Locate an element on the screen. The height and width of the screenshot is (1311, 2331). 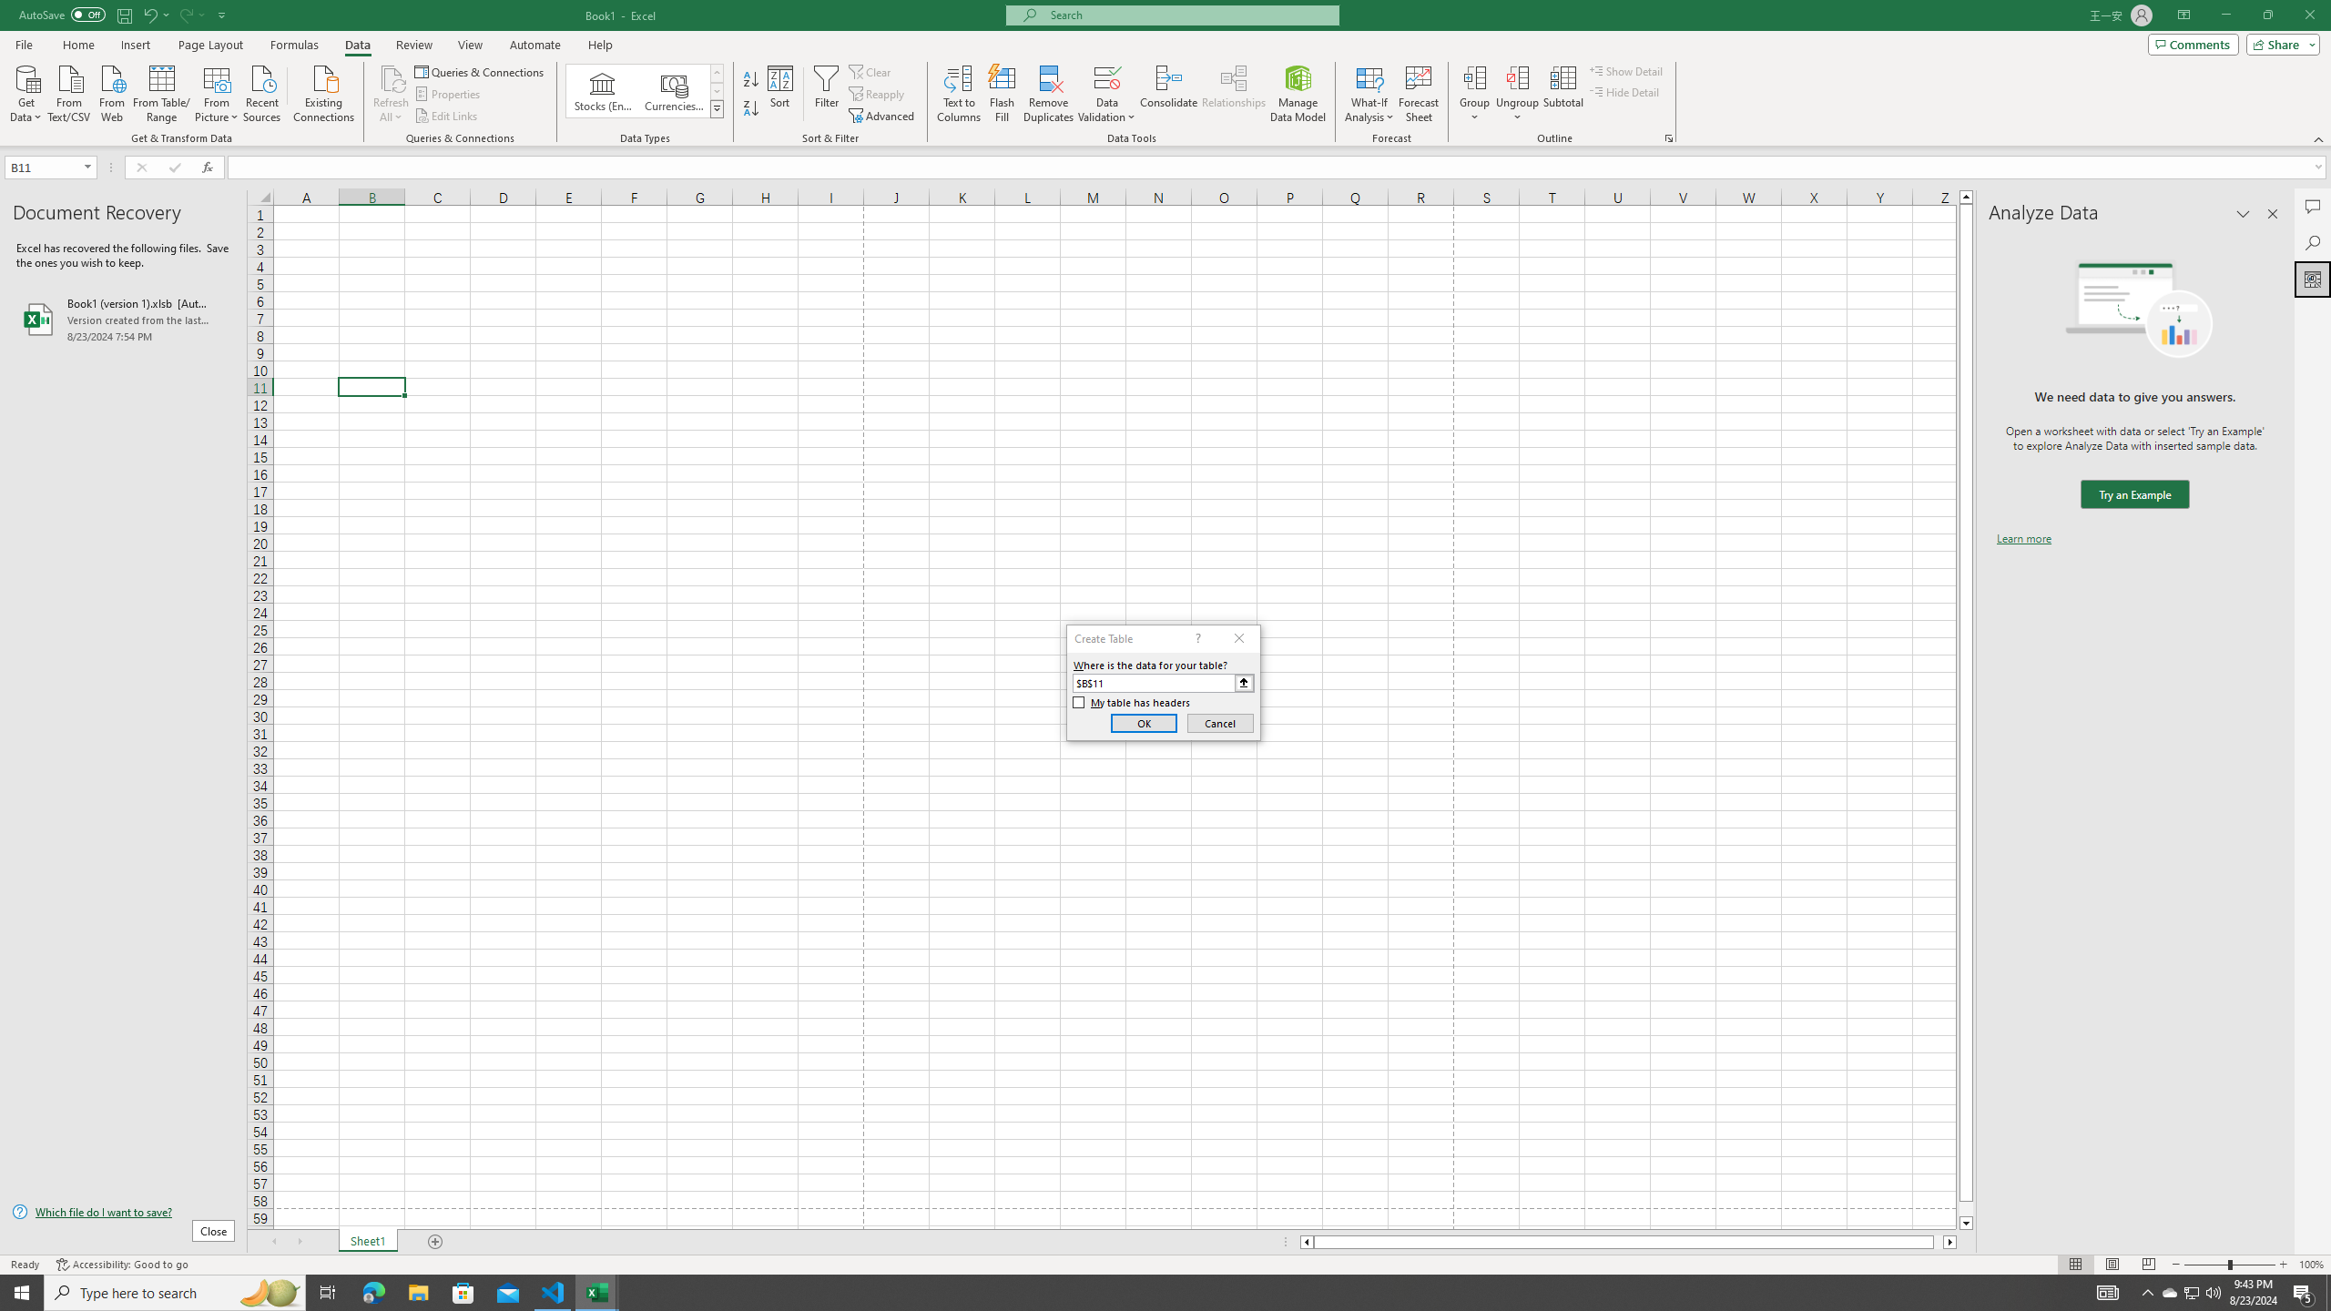
'Stocks (English)' is located at coordinates (601, 90).